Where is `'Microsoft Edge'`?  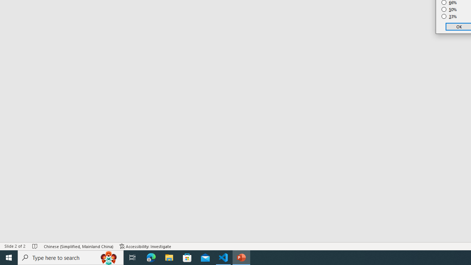 'Microsoft Edge' is located at coordinates (151, 257).